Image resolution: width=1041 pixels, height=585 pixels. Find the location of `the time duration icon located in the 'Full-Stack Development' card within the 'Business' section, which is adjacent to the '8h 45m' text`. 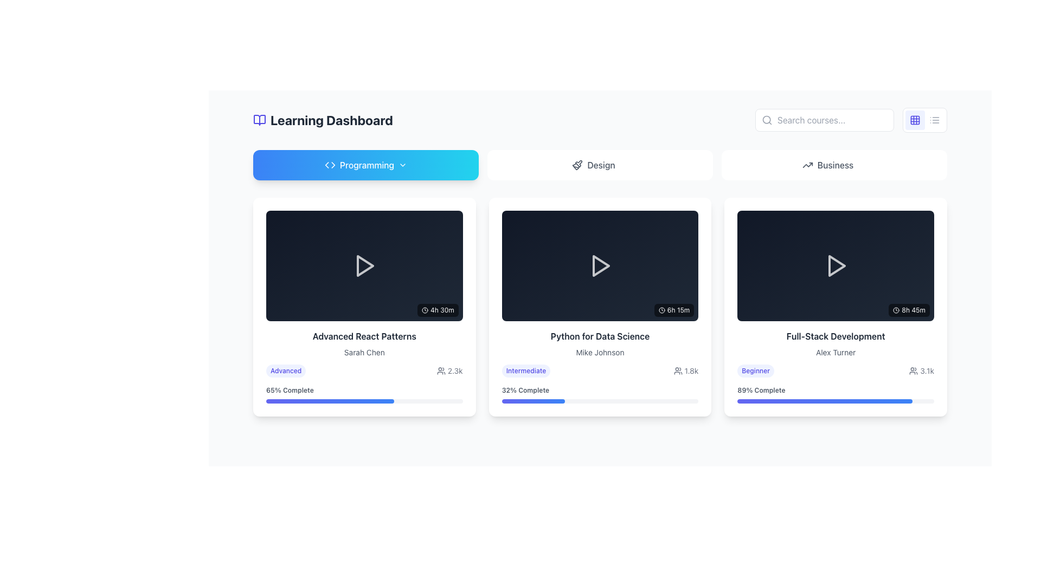

the time duration icon located in the 'Full-Stack Development' card within the 'Business' section, which is adjacent to the '8h 45m' text is located at coordinates (896, 310).